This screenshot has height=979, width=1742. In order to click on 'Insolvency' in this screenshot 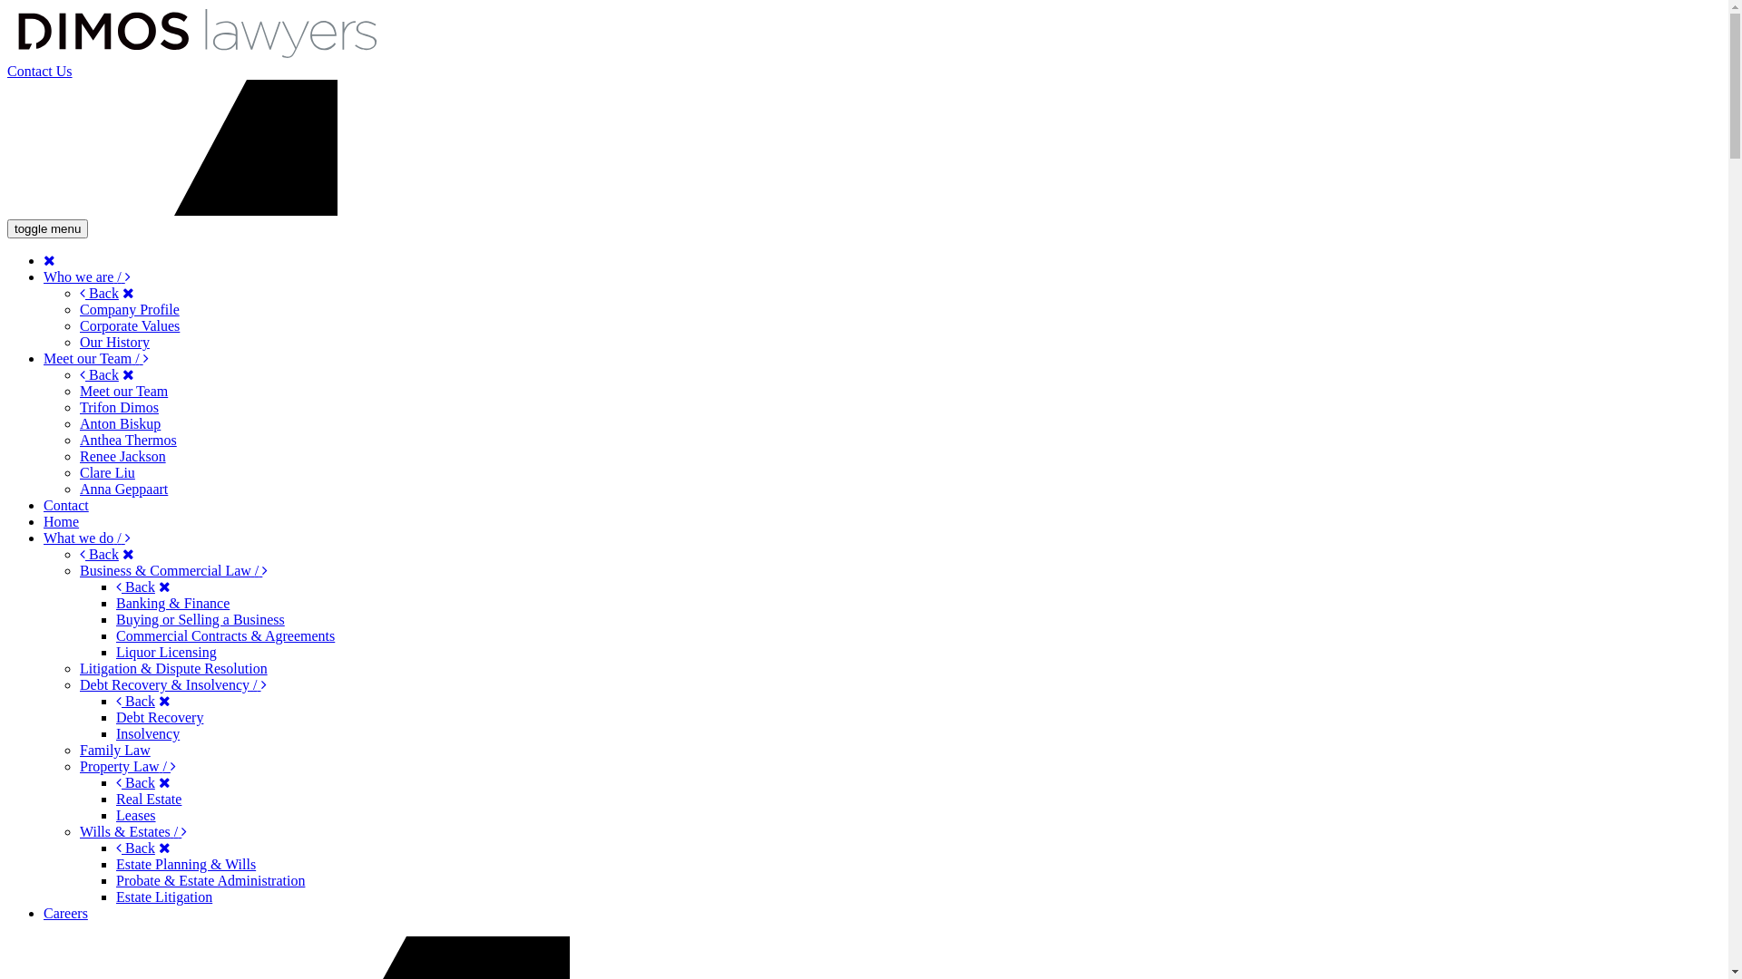, I will do `click(148, 732)`.